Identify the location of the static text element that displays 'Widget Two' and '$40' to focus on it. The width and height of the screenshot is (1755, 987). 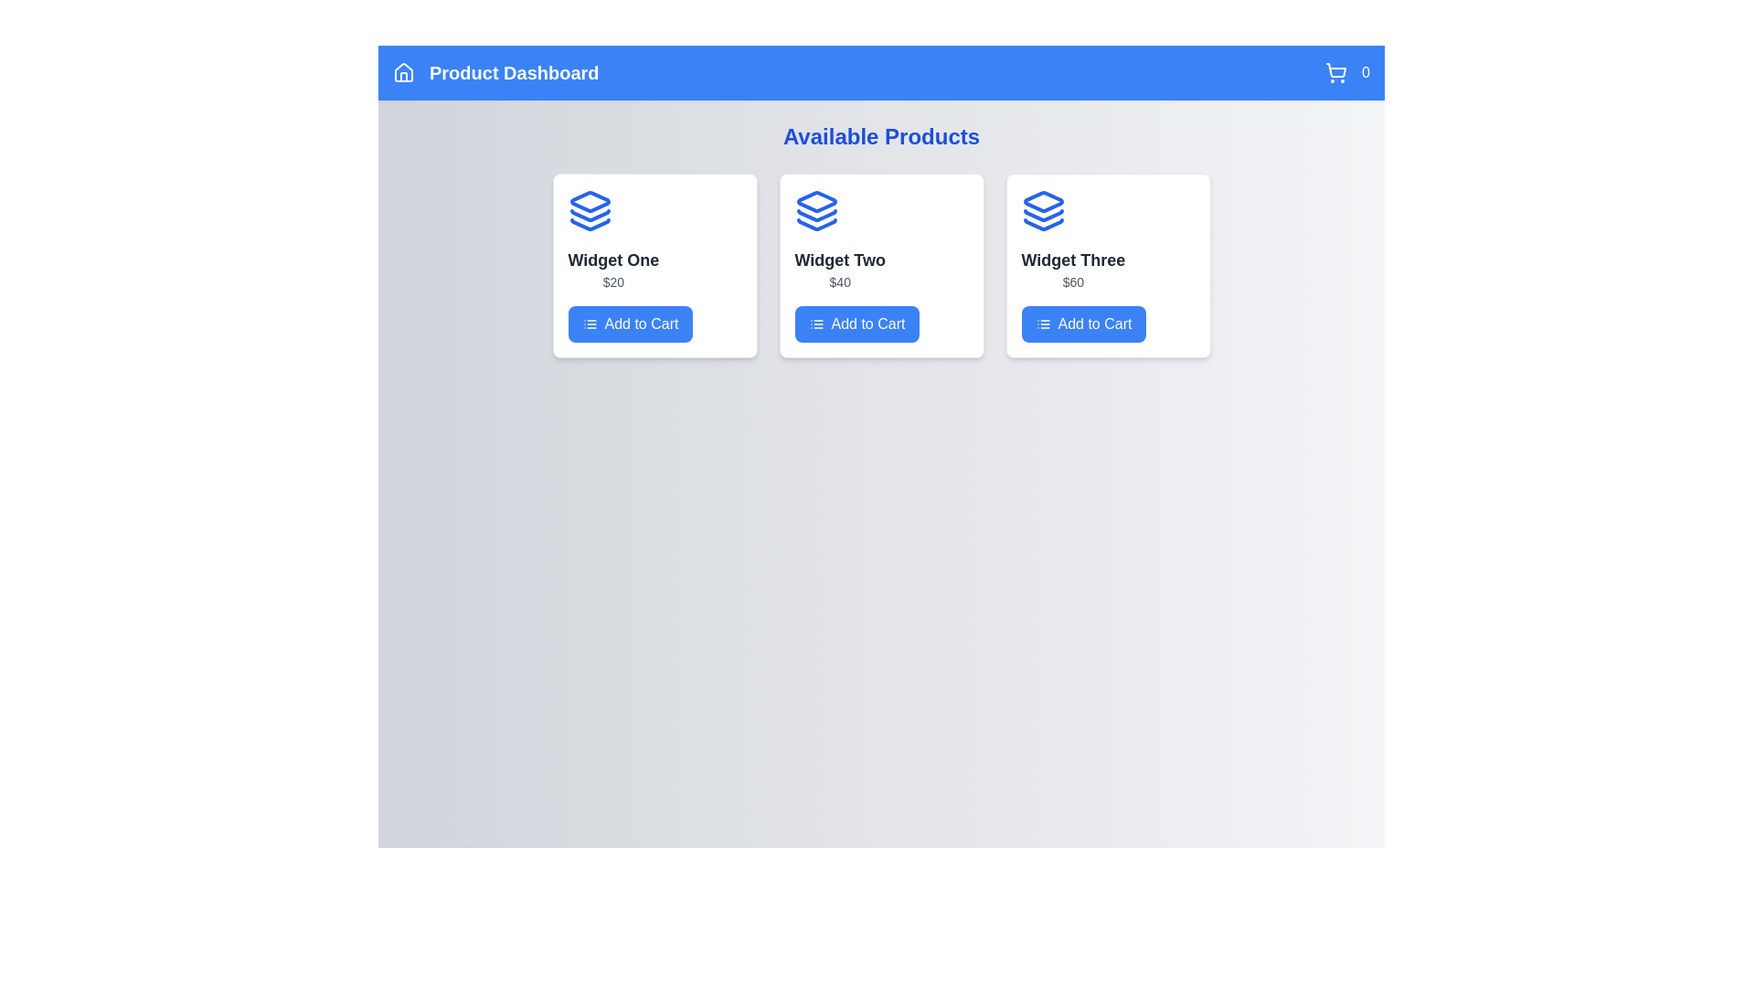
(839, 269).